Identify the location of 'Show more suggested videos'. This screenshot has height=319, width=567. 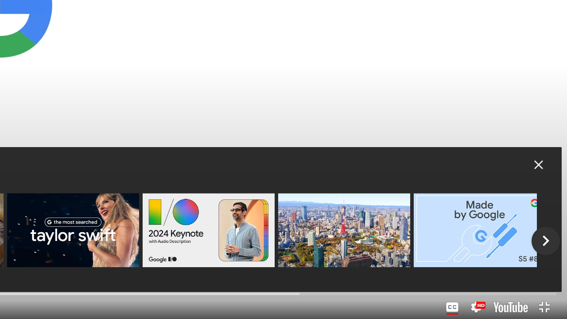
(545, 241).